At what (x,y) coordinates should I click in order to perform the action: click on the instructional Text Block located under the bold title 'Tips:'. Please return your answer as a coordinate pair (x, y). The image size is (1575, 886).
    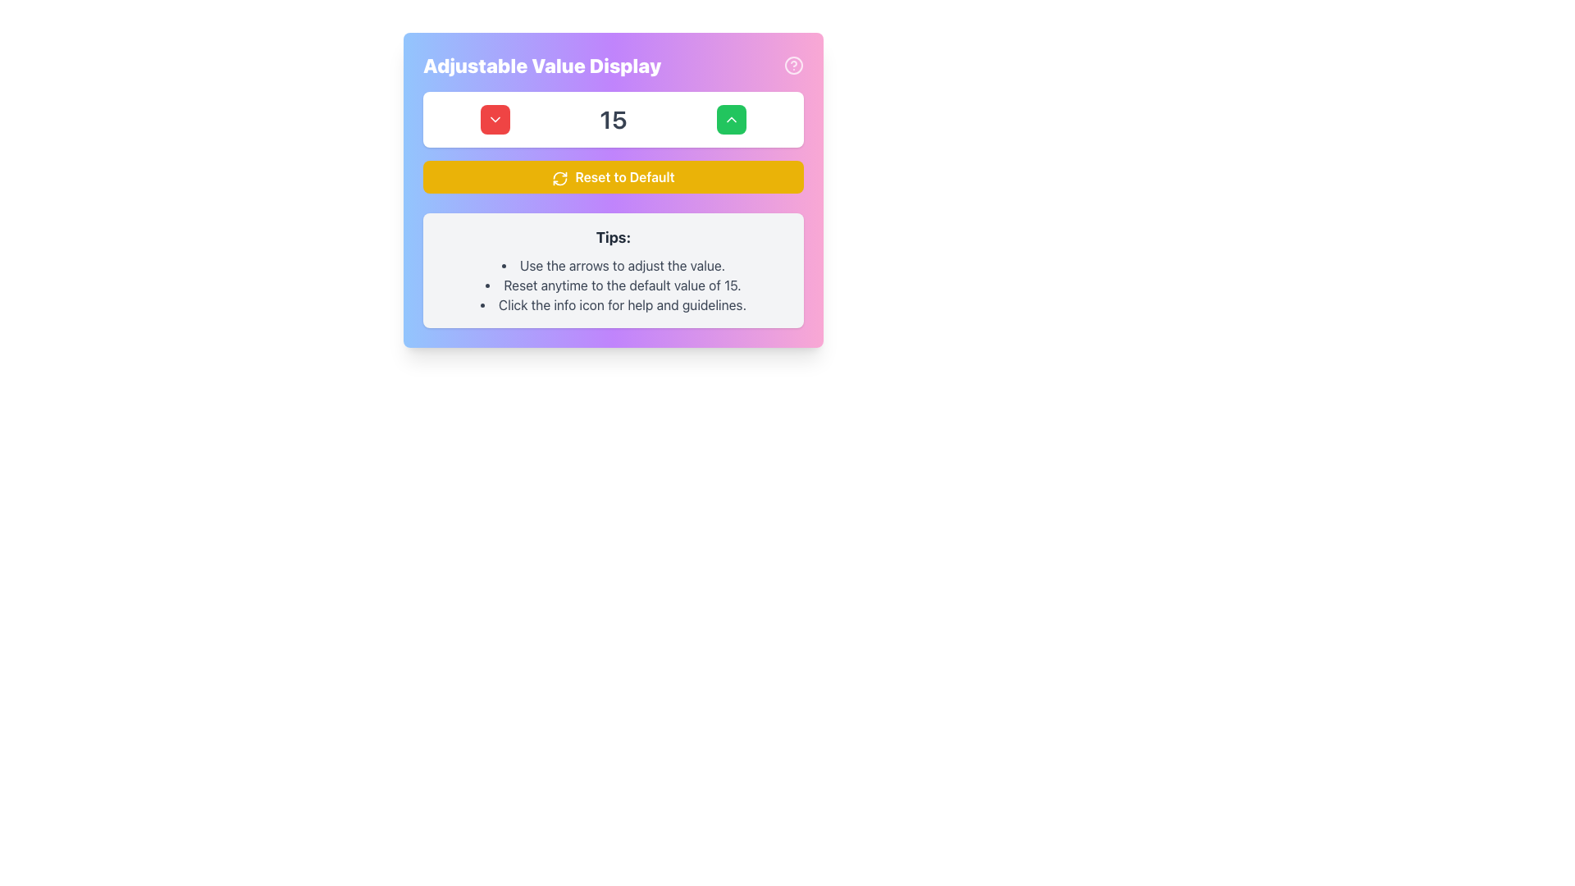
    Looking at the image, I should click on (613, 284).